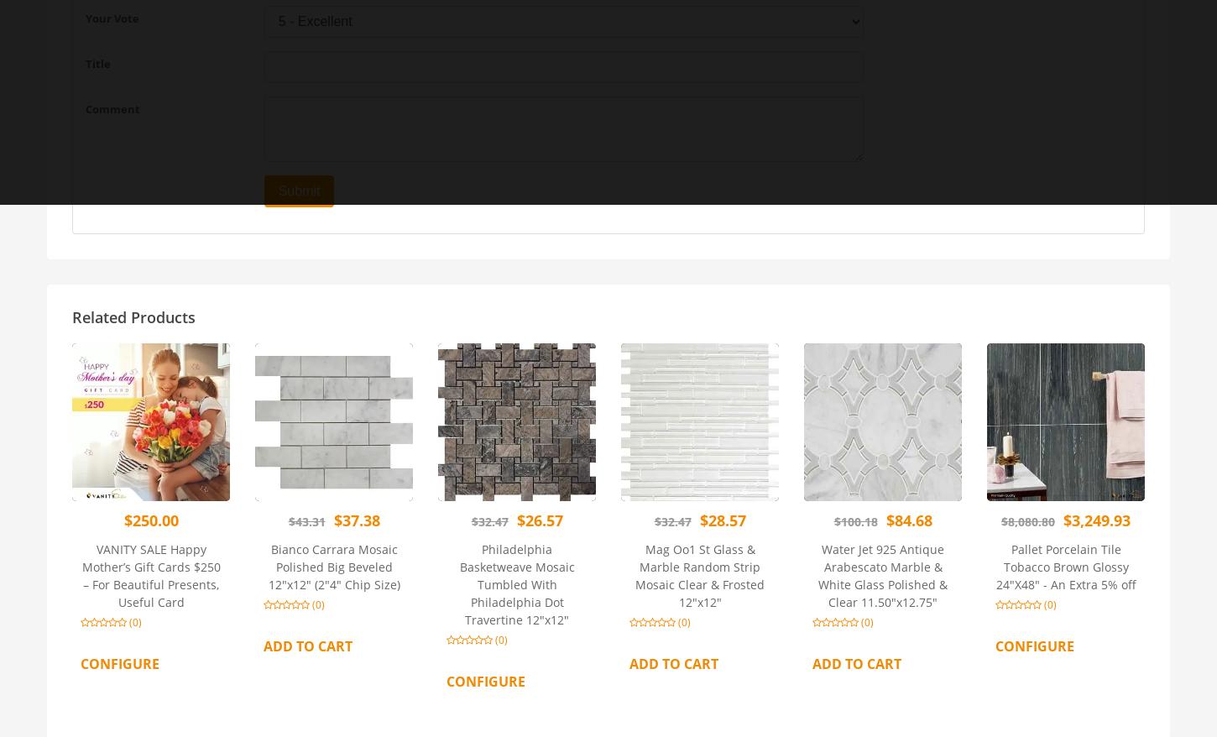 The height and width of the screenshot is (737, 1217). Describe the element at coordinates (149, 518) in the screenshot. I see `'$250.00'` at that location.